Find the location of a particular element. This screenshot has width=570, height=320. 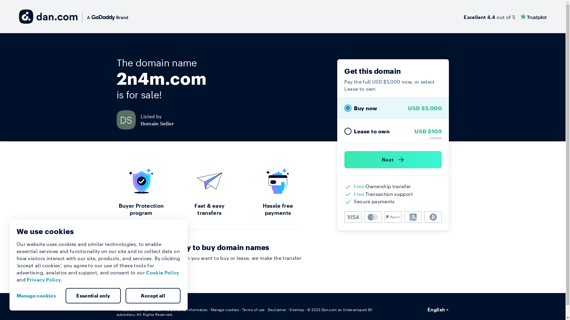

'Essential only' is located at coordinates (93, 296).